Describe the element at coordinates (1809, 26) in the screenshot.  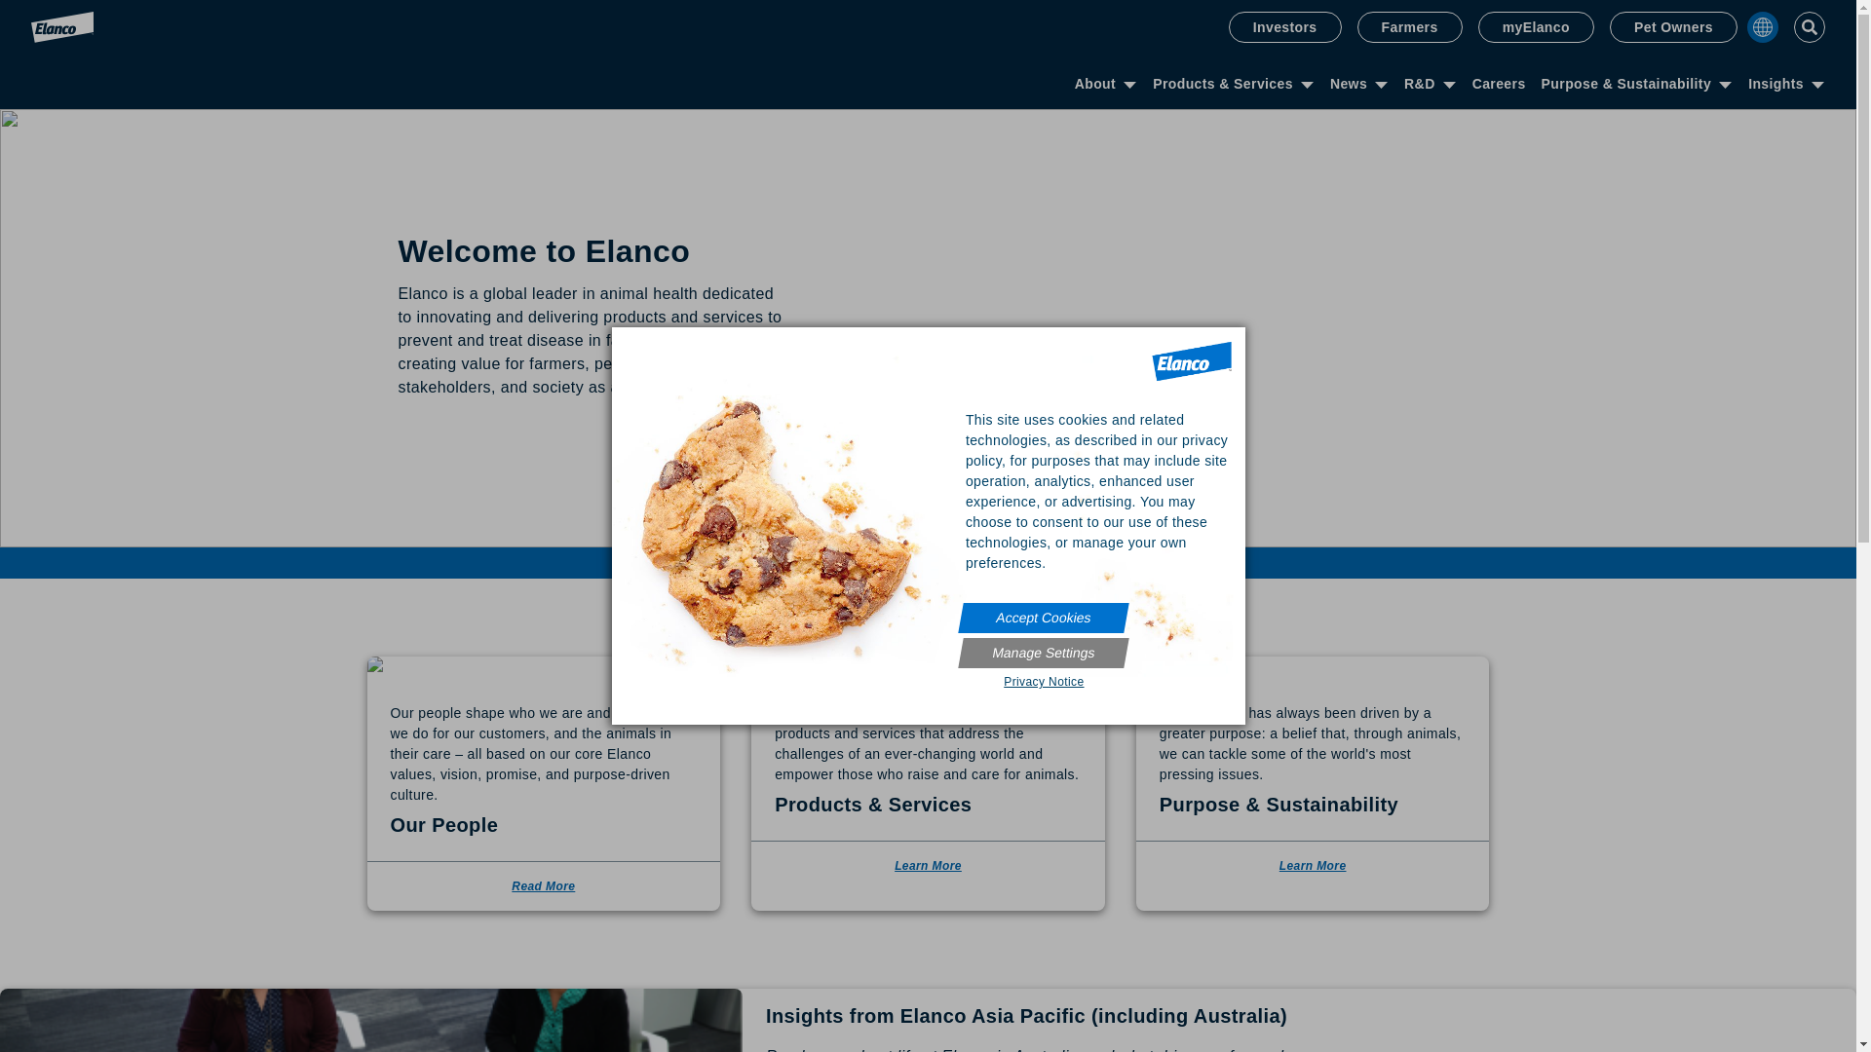
I see `'Toggle Search'` at that location.